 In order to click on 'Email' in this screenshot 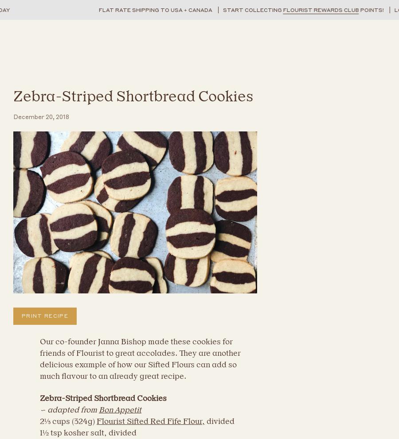, I will do `click(142, 286)`.